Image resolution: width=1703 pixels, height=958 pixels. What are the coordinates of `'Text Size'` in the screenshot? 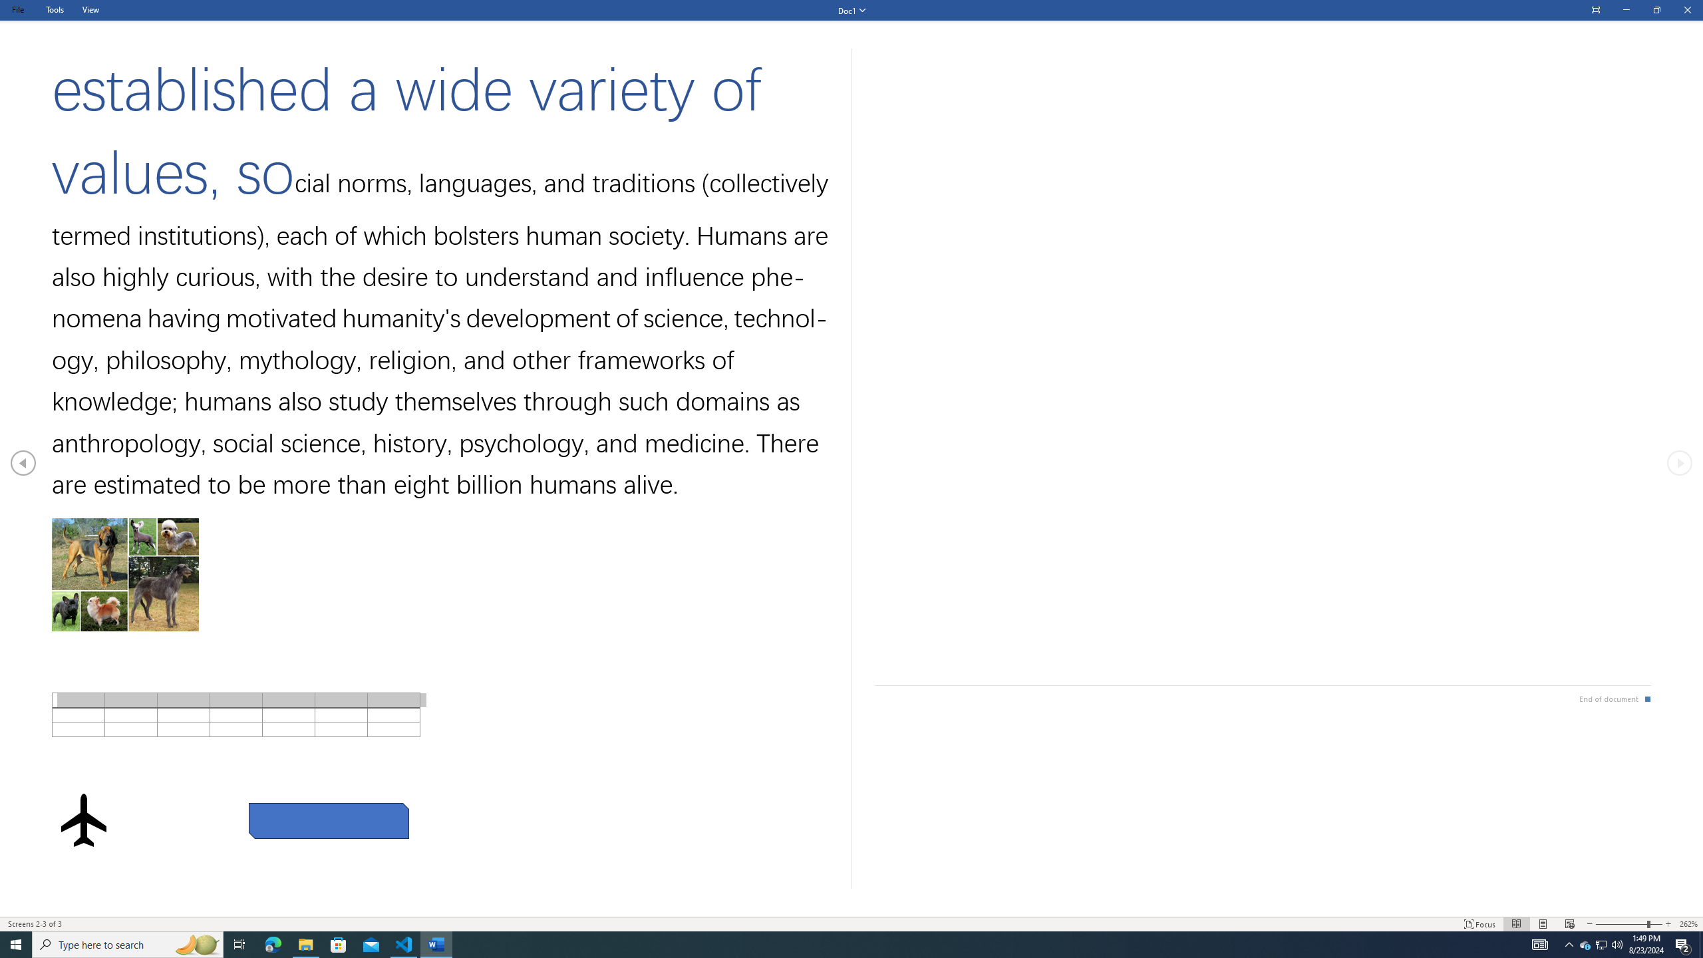 It's located at (1628, 924).